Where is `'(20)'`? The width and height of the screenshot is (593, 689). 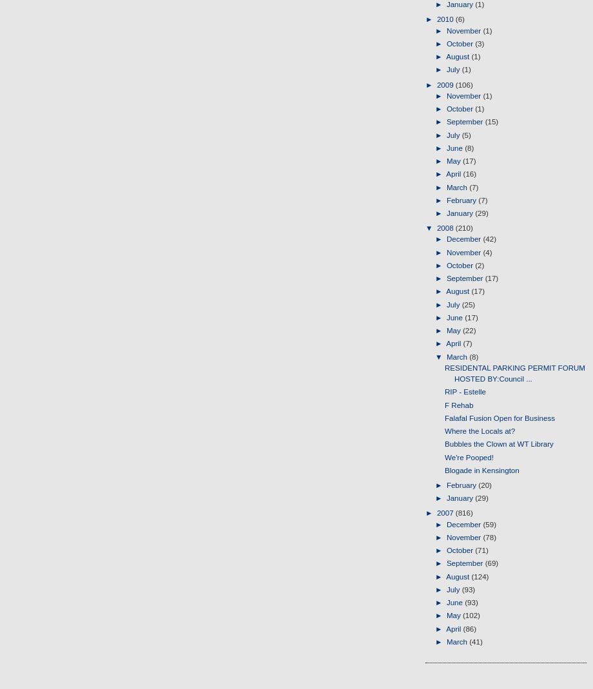
'(20)' is located at coordinates (485, 485).